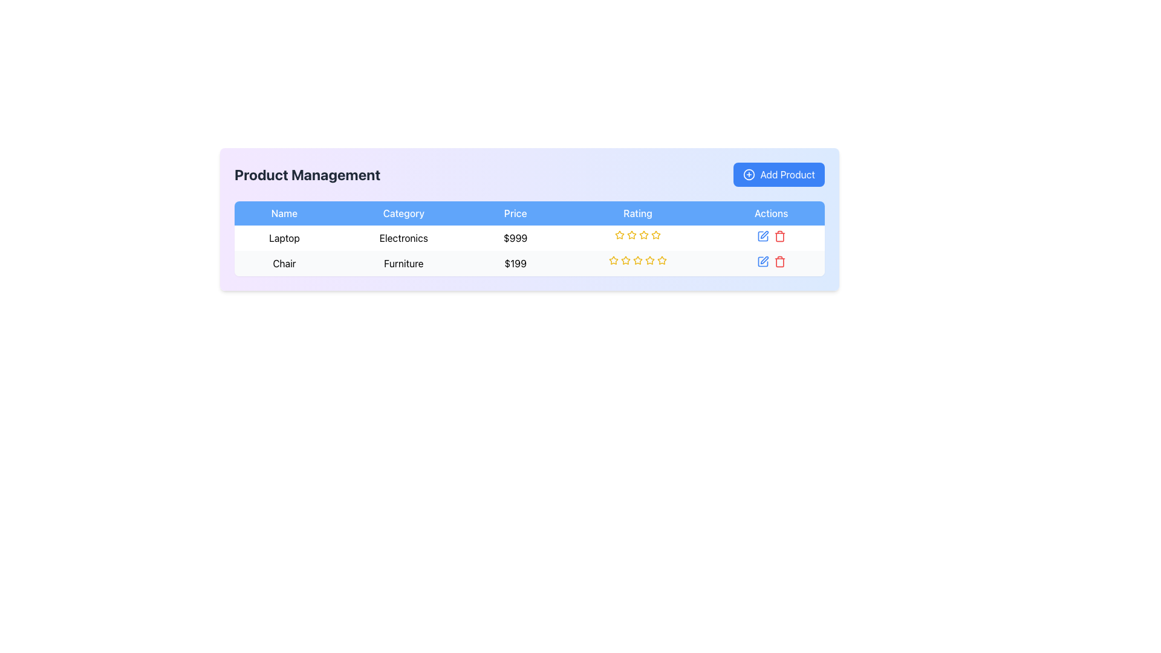 Image resolution: width=1161 pixels, height=653 pixels. I want to click on the fourth star icon in the 'Rating' column of the 'Laptop' row, so click(643, 235).